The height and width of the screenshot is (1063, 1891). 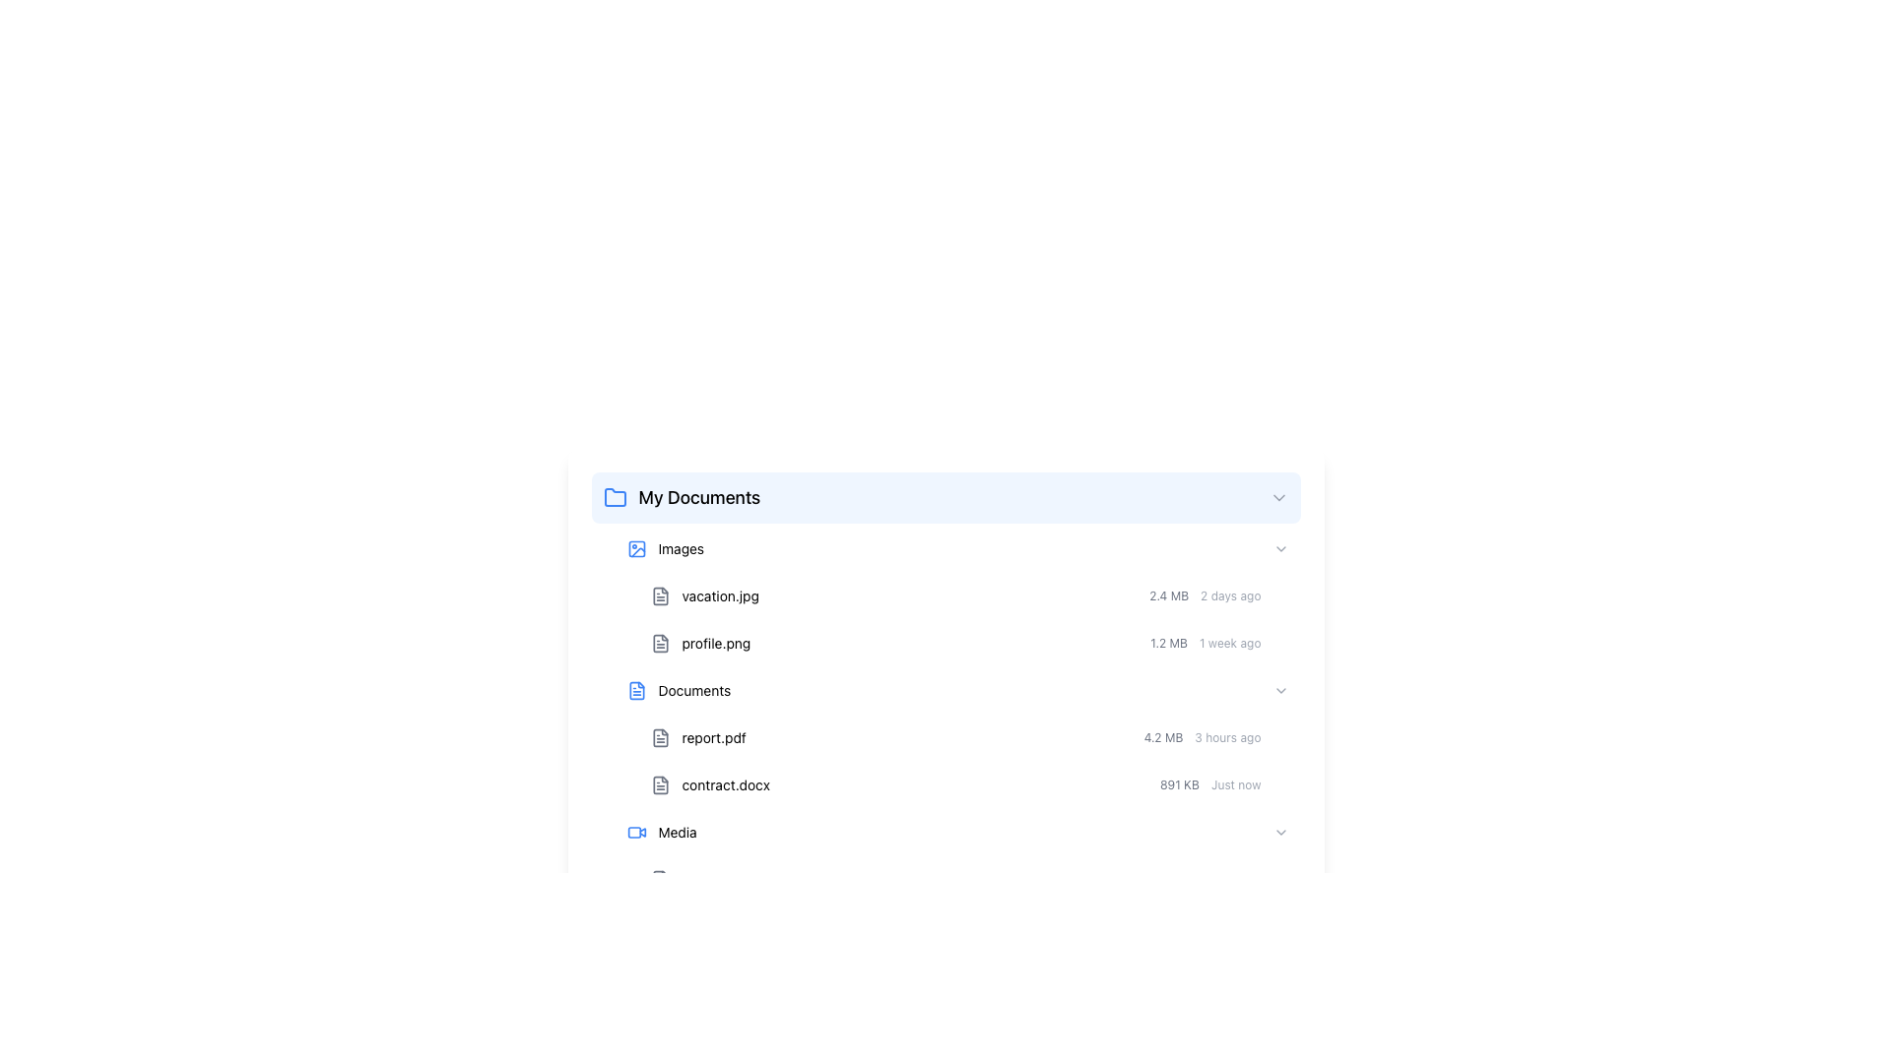 What do you see at coordinates (957, 737) in the screenshot?
I see `the file entry 'report.pdf' from the structured list in the 'Documents' section` at bounding box center [957, 737].